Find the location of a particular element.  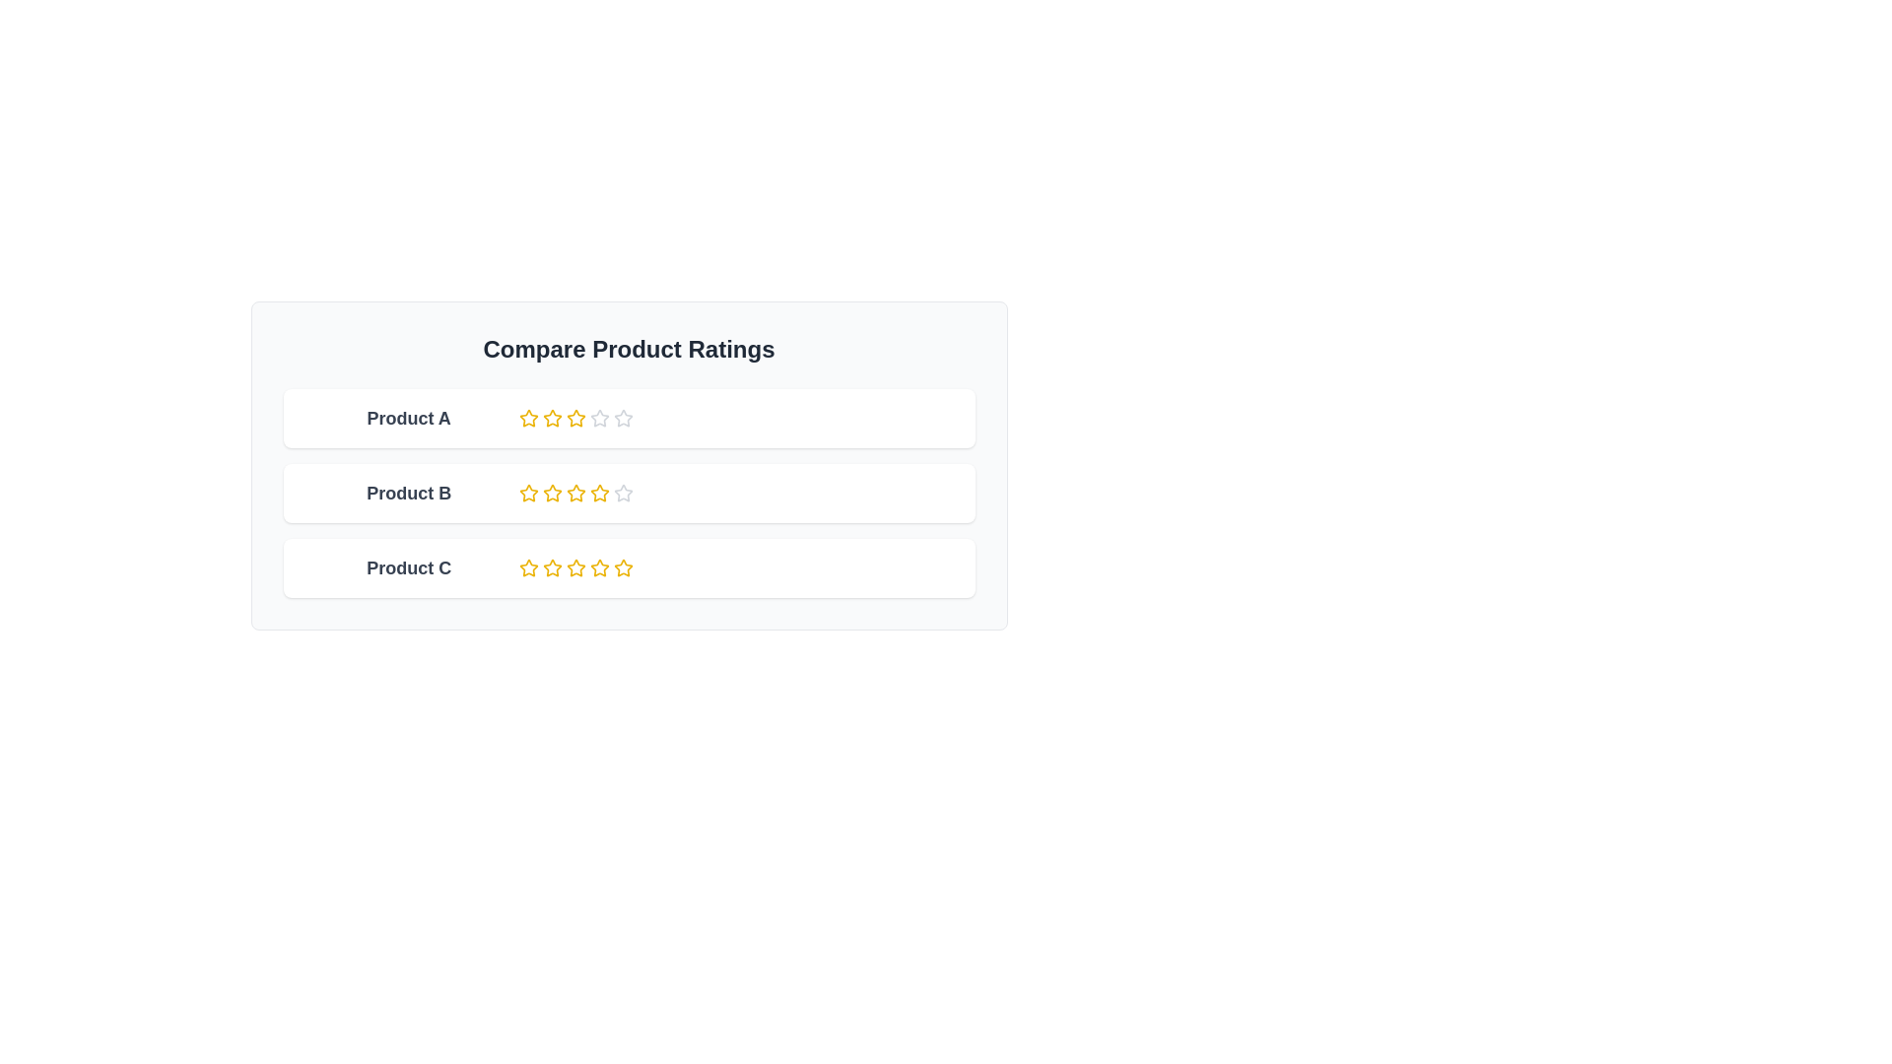

the fourth star icon in the rating system for 'Product A', which visually represents a rating level is located at coordinates (574, 417).